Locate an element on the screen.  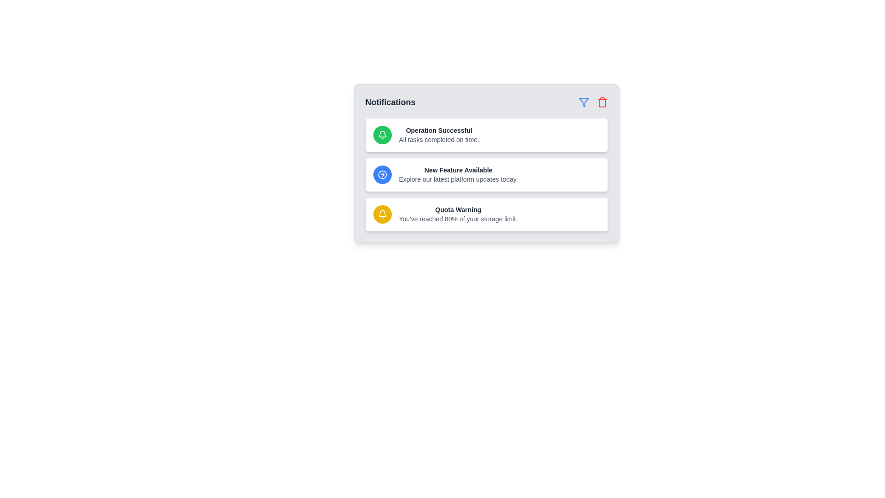
the yellow alert icon located in the Notification panel, specifically positioned to the left of the 'Quota Warning' notification in the last notification row is located at coordinates (382, 214).